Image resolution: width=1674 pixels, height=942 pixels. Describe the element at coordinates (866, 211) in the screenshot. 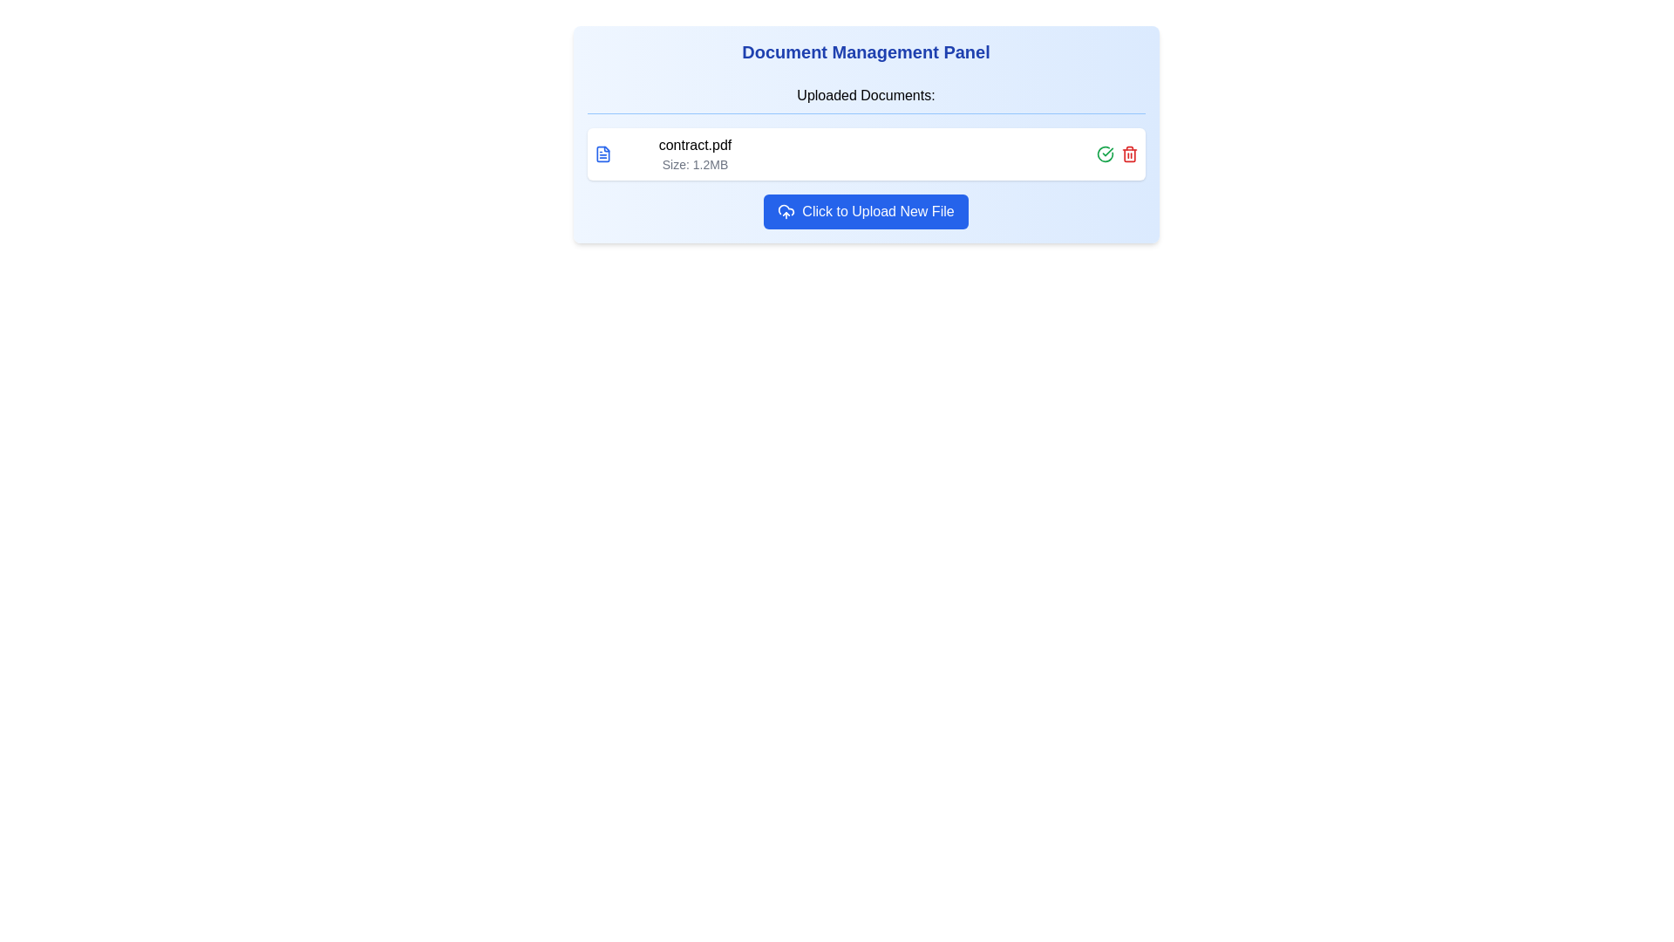

I see `the distinct upload button located at the bottom of the 'Document Management Panel' section` at that location.